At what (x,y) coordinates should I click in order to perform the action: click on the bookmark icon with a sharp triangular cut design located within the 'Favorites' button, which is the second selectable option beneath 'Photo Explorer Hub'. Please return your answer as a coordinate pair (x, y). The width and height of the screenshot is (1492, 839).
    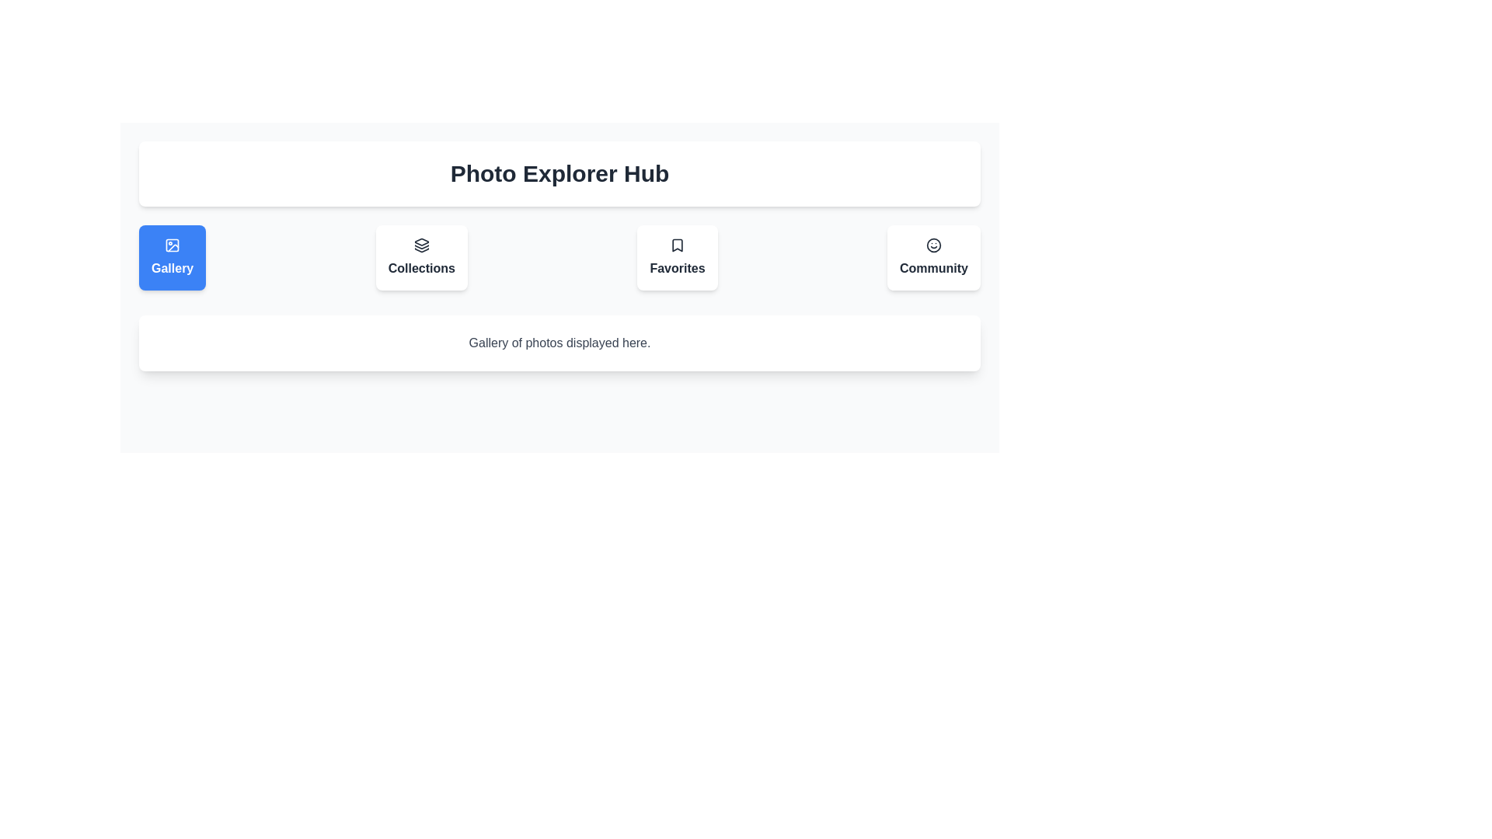
    Looking at the image, I should click on (678, 245).